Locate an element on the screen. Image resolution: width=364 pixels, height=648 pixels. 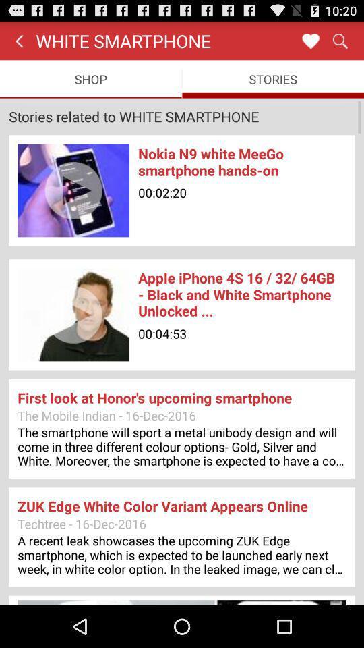
app next to the white smartphone is located at coordinates (310, 40).